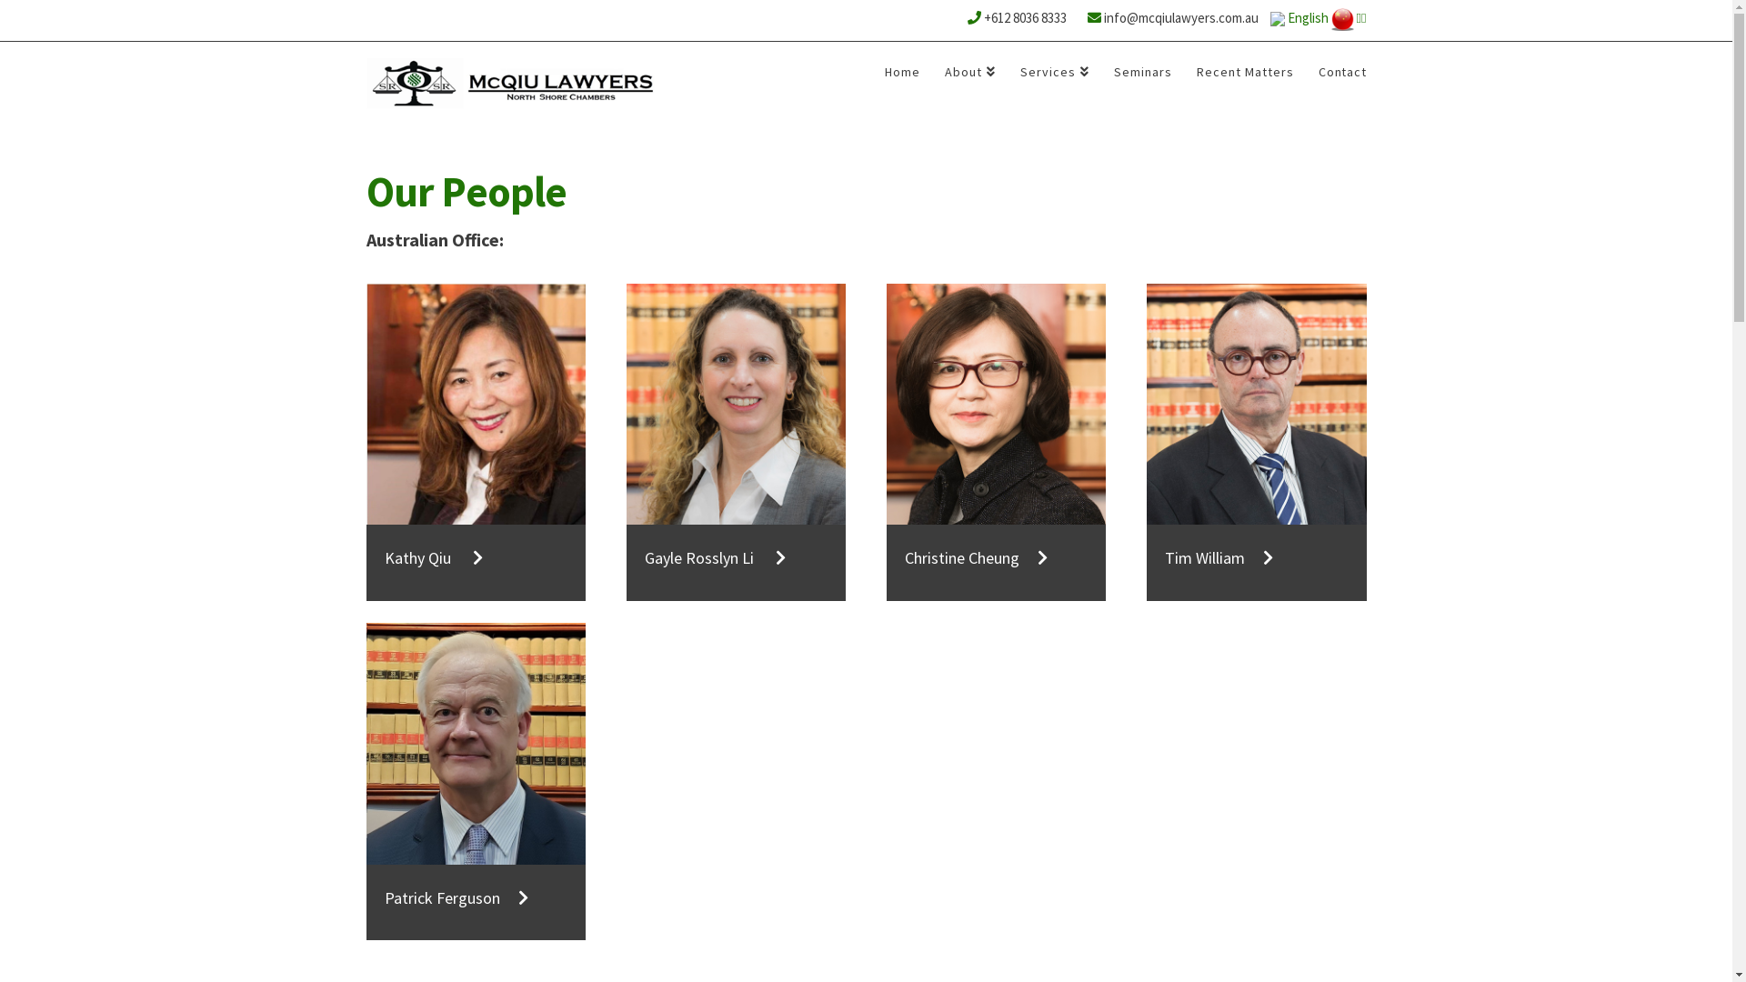 Image resolution: width=1746 pixels, height=982 pixels. I want to click on 'Services', so click(1054, 76).